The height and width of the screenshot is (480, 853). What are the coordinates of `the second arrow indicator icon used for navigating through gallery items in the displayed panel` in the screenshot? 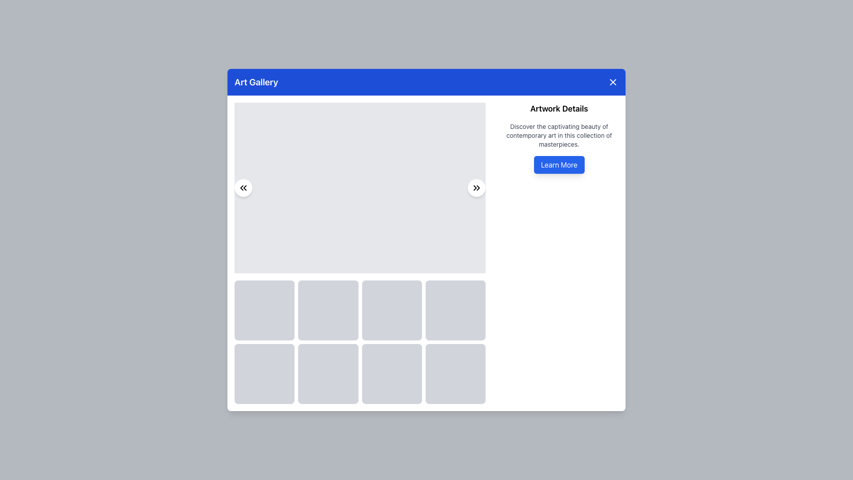 It's located at (245, 187).